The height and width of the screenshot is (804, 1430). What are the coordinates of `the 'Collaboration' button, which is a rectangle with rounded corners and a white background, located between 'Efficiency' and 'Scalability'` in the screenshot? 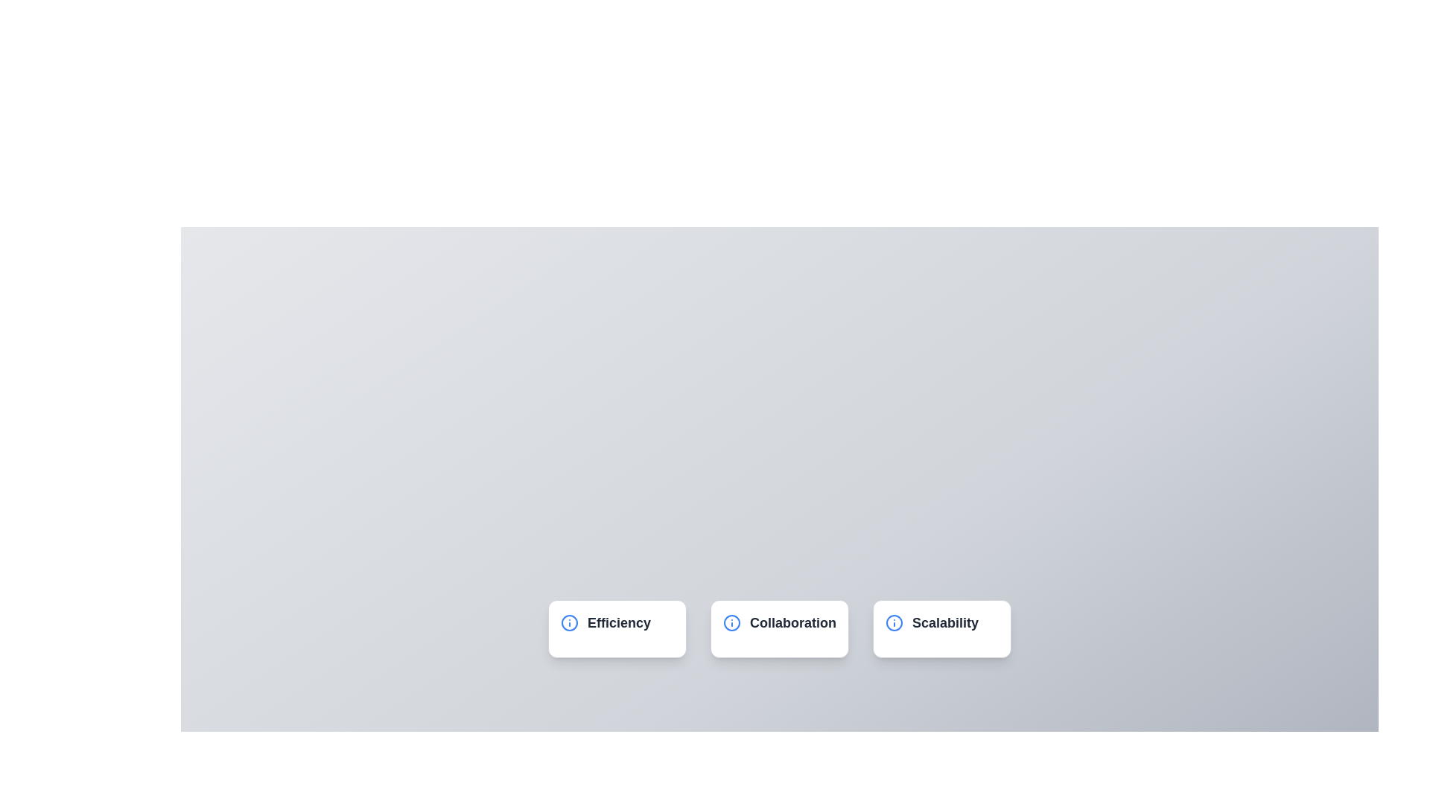 It's located at (778, 628).